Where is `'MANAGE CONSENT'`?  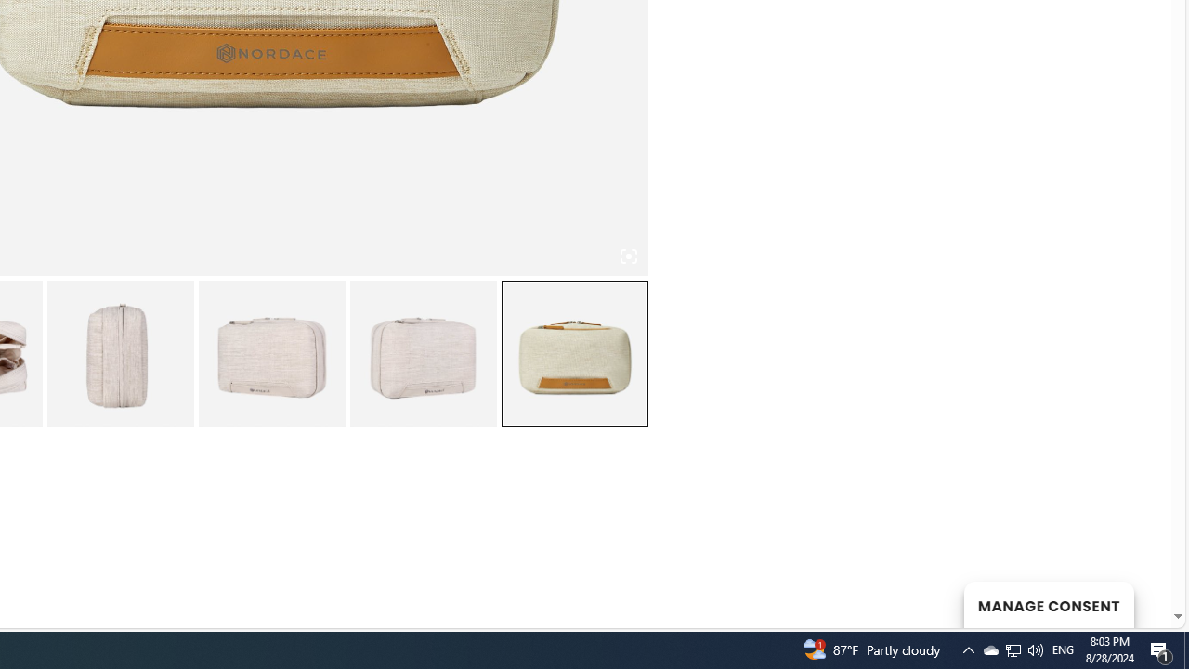 'MANAGE CONSENT' is located at coordinates (1048, 604).